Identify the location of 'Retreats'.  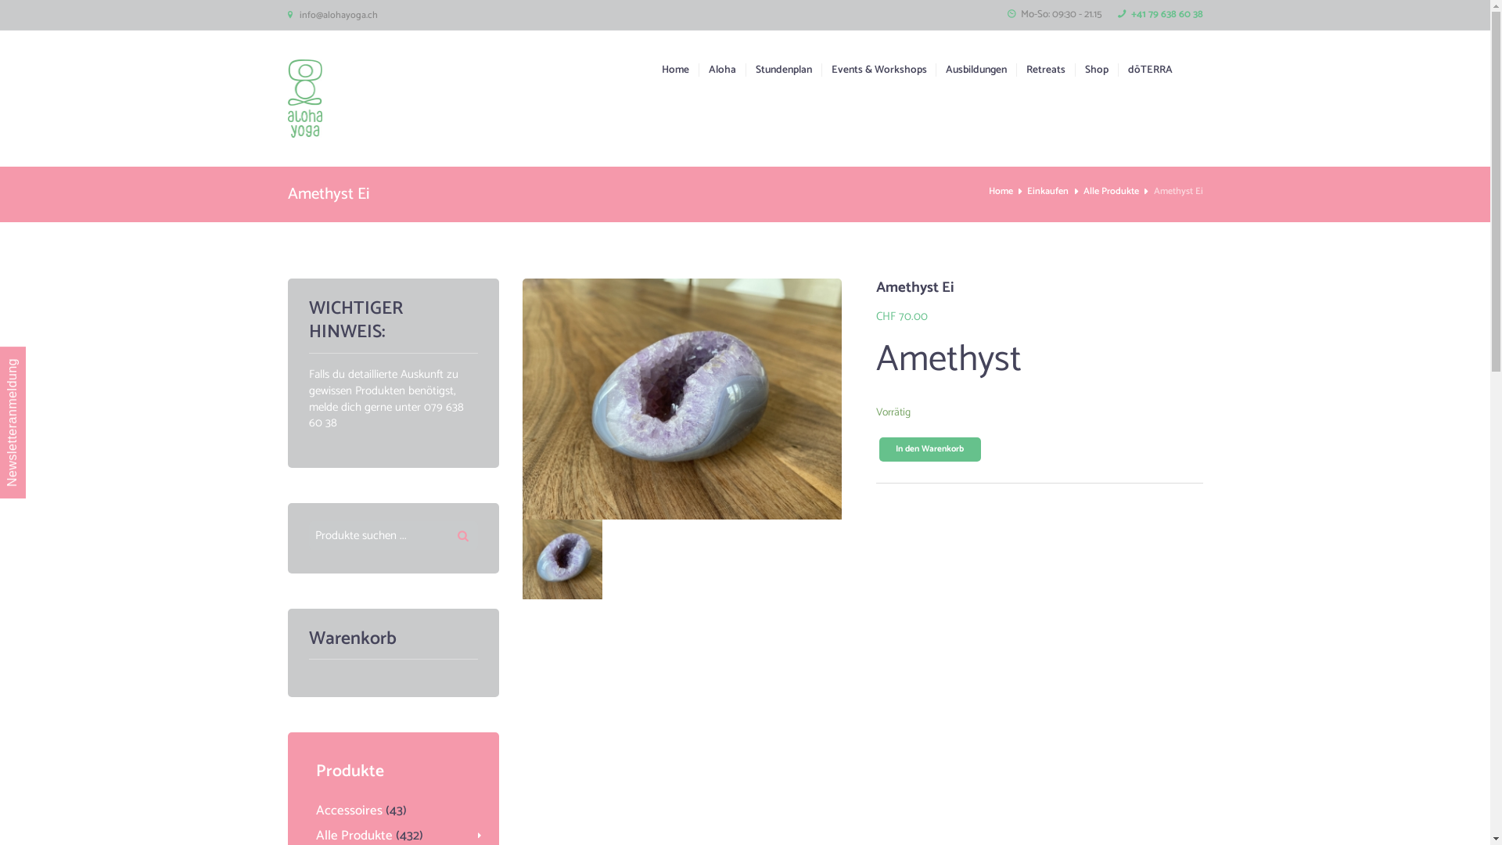
(1040, 69).